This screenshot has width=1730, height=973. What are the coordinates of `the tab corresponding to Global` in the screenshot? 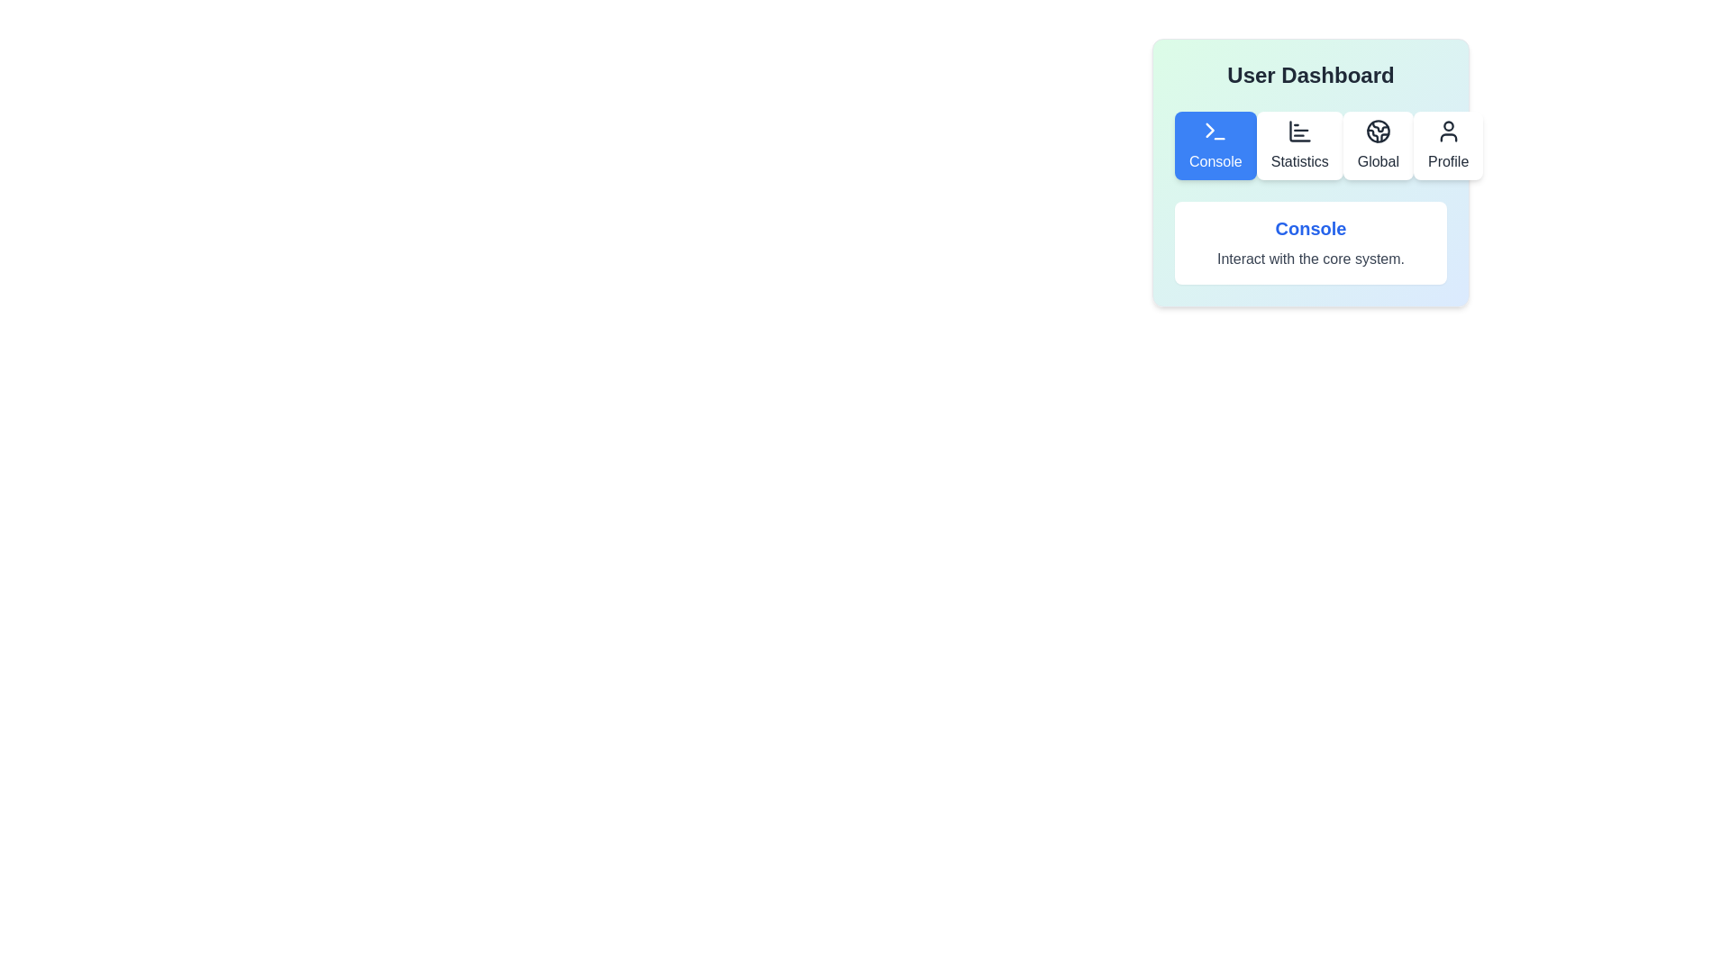 It's located at (1377, 145).